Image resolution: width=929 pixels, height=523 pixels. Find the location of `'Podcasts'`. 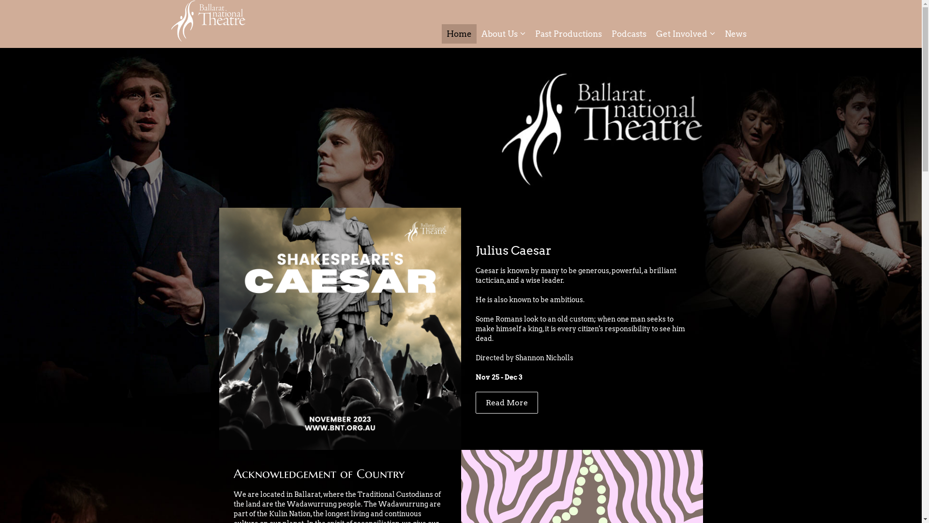

'Podcasts' is located at coordinates (629, 33).